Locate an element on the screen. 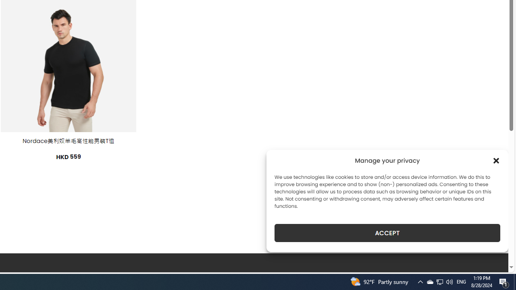 This screenshot has width=516, height=290. 'ACCEPT' is located at coordinates (387, 233).